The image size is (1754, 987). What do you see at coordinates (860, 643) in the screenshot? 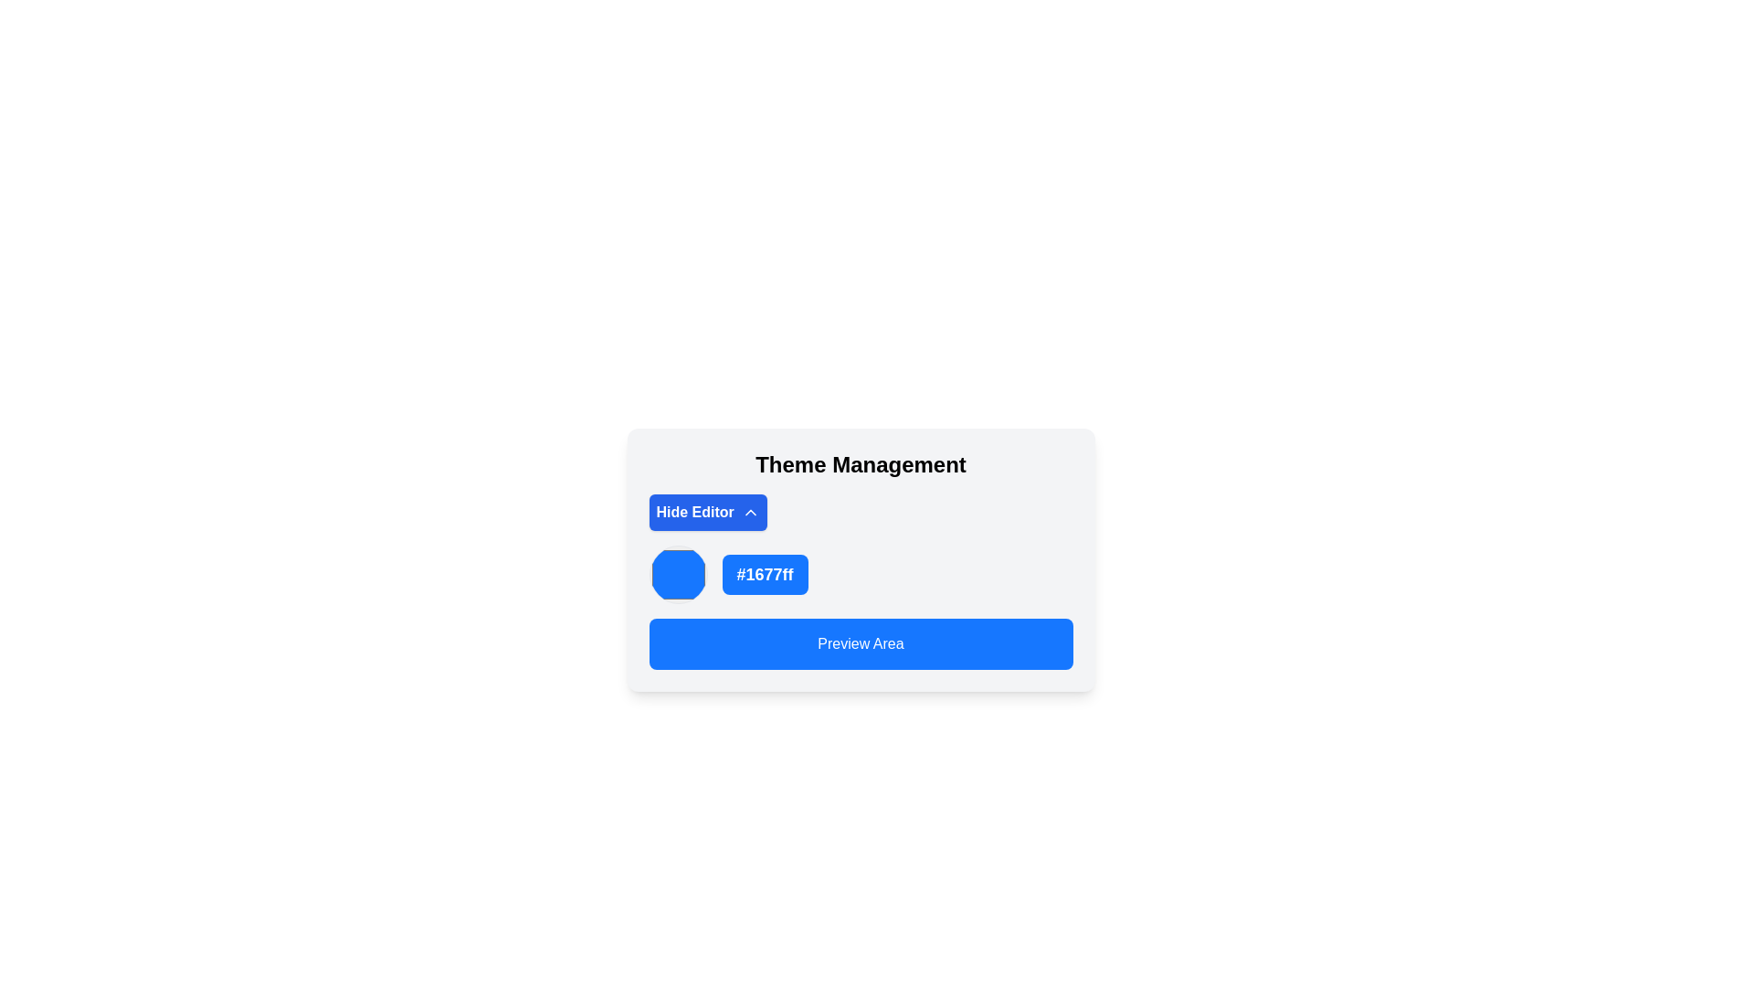
I see `the non-interactive Text Label that provides a title for the Theme Management area, located in a rounded rectangle with a blue background, beneath the color preview and hexadecimal code components` at bounding box center [860, 643].